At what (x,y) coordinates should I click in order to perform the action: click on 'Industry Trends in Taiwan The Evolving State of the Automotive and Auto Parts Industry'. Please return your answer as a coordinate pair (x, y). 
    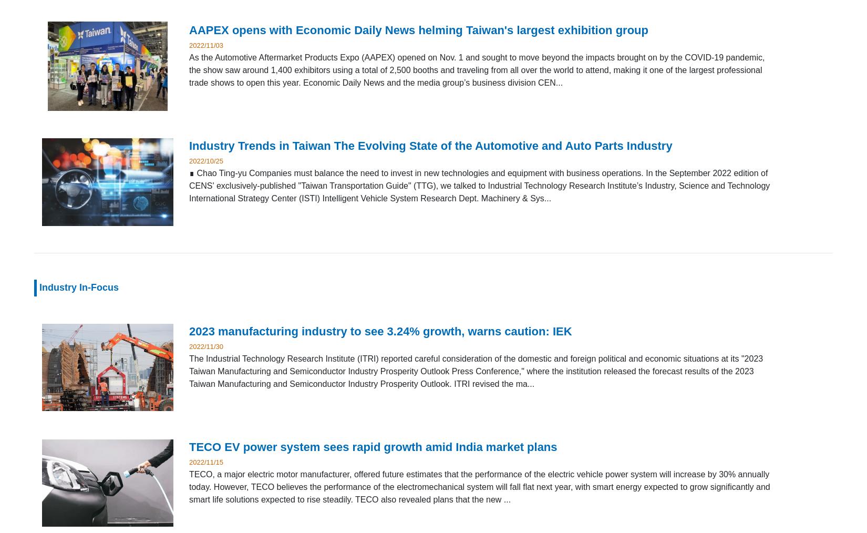
    Looking at the image, I should click on (430, 146).